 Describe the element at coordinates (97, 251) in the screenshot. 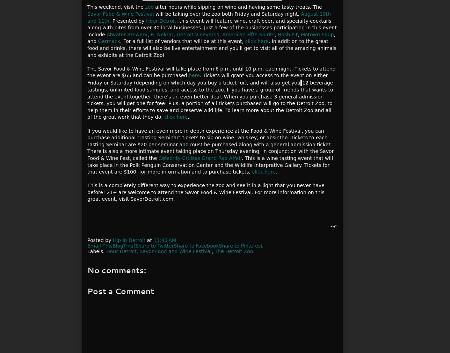

I see `'Labels:'` at that location.